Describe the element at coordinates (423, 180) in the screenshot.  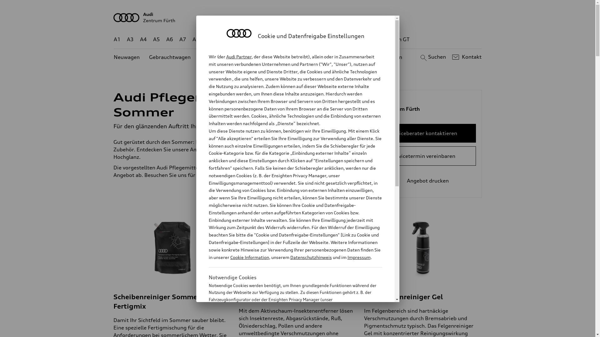
I see `'Angebot drucken'` at that location.